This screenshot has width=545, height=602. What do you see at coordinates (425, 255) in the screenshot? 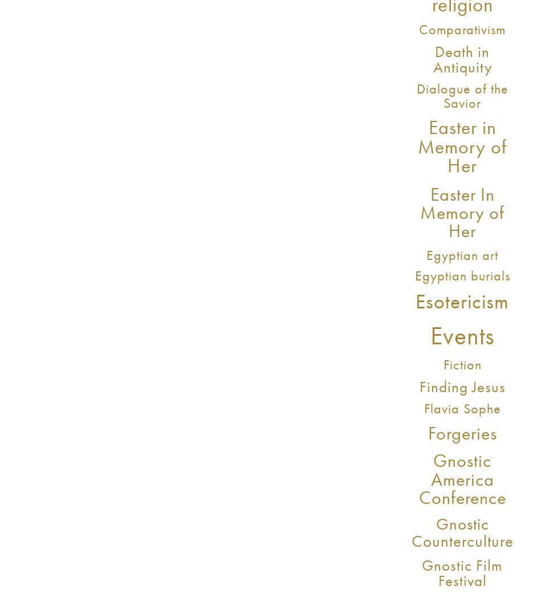
I see `'Egyptian art'` at bounding box center [425, 255].